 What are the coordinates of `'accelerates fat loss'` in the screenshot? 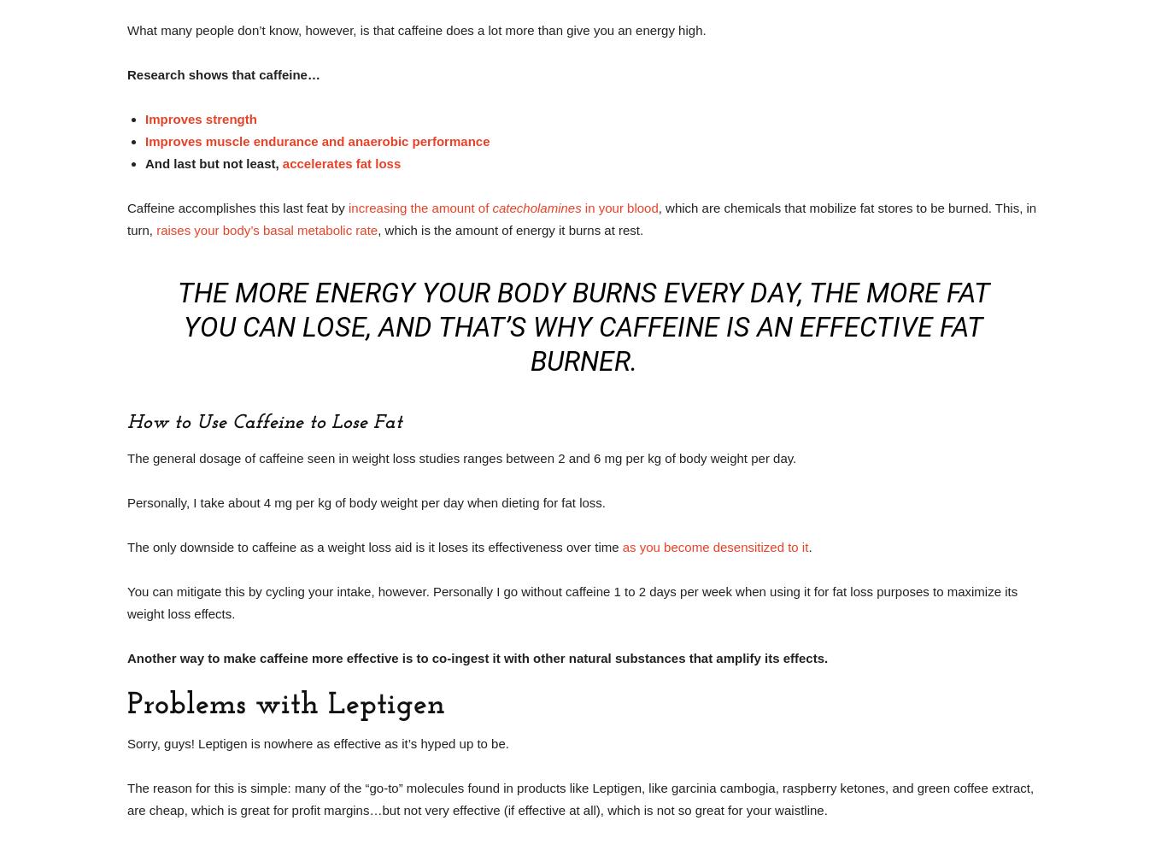 It's located at (282, 163).